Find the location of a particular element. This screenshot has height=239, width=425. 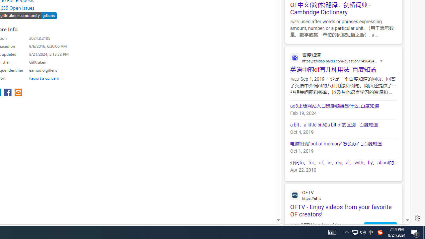

'OFTV' is located at coordinates (343, 195).